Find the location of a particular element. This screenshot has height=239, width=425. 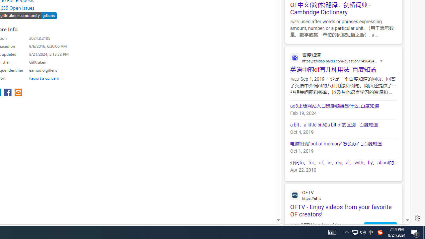

'OFTV' is located at coordinates (343, 195).